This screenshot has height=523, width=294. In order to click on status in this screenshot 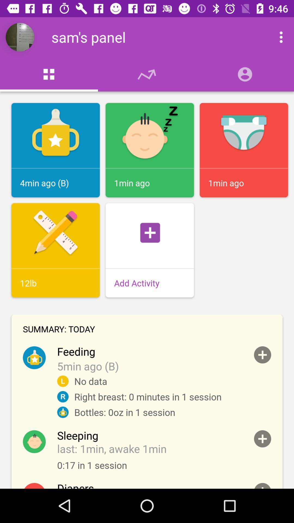, I will do `click(262, 486)`.